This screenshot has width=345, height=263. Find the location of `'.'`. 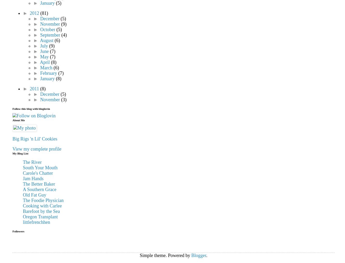

'.' is located at coordinates (206, 255).